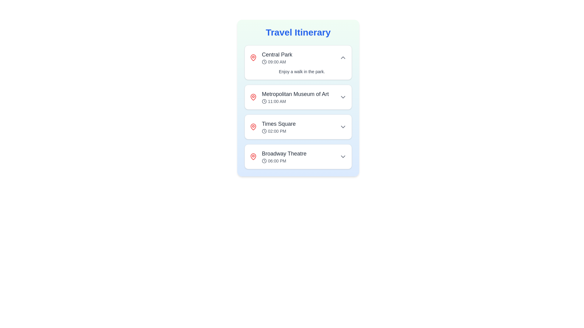  What do you see at coordinates (264, 131) in the screenshot?
I see `the circular clock icon located to the immediate left of the time string '02:00 PM' within the 'Times Square' entry` at bounding box center [264, 131].